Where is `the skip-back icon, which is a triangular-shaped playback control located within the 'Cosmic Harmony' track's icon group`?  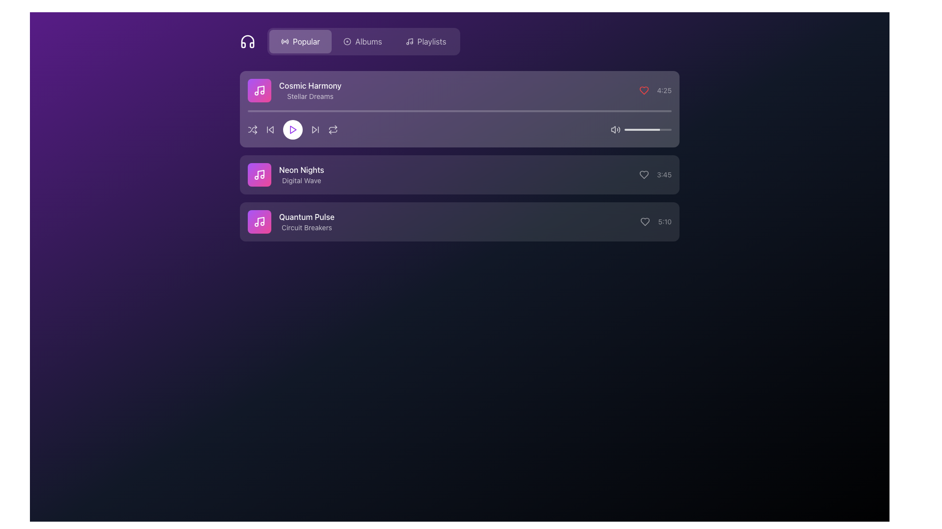
the skip-back icon, which is a triangular-shaped playback control located within the 'Cosmic Harmony' track's icon group is located at coordinates (271, 129).